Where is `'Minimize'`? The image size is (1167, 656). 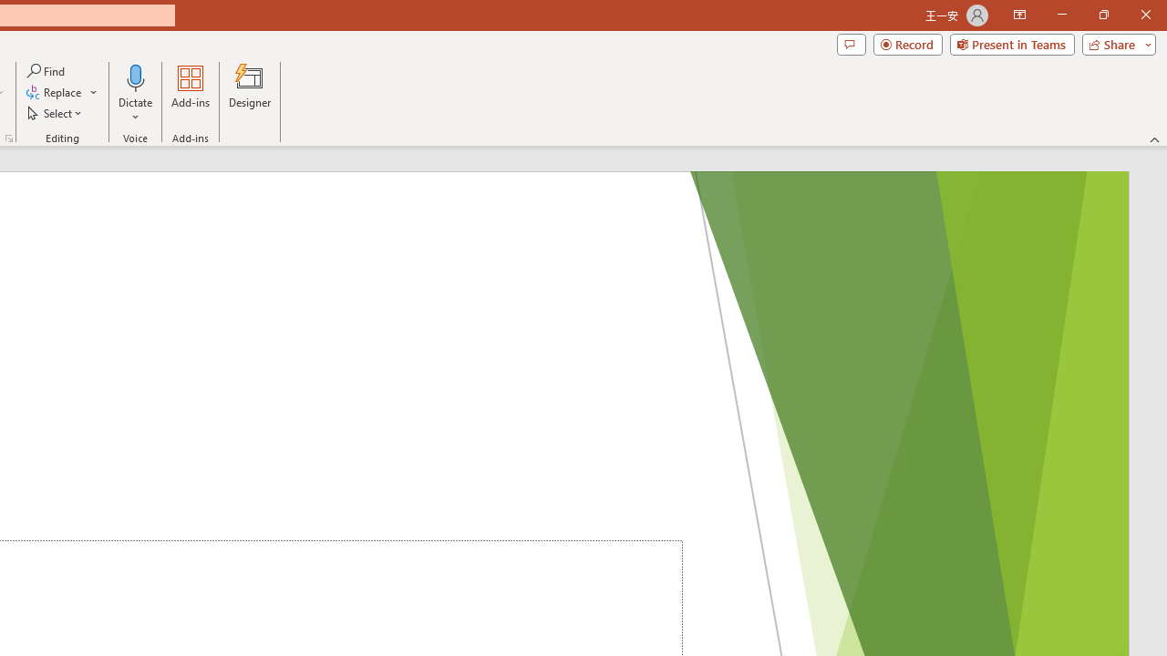
'Minimize' is located at coordinates (1061, 15).